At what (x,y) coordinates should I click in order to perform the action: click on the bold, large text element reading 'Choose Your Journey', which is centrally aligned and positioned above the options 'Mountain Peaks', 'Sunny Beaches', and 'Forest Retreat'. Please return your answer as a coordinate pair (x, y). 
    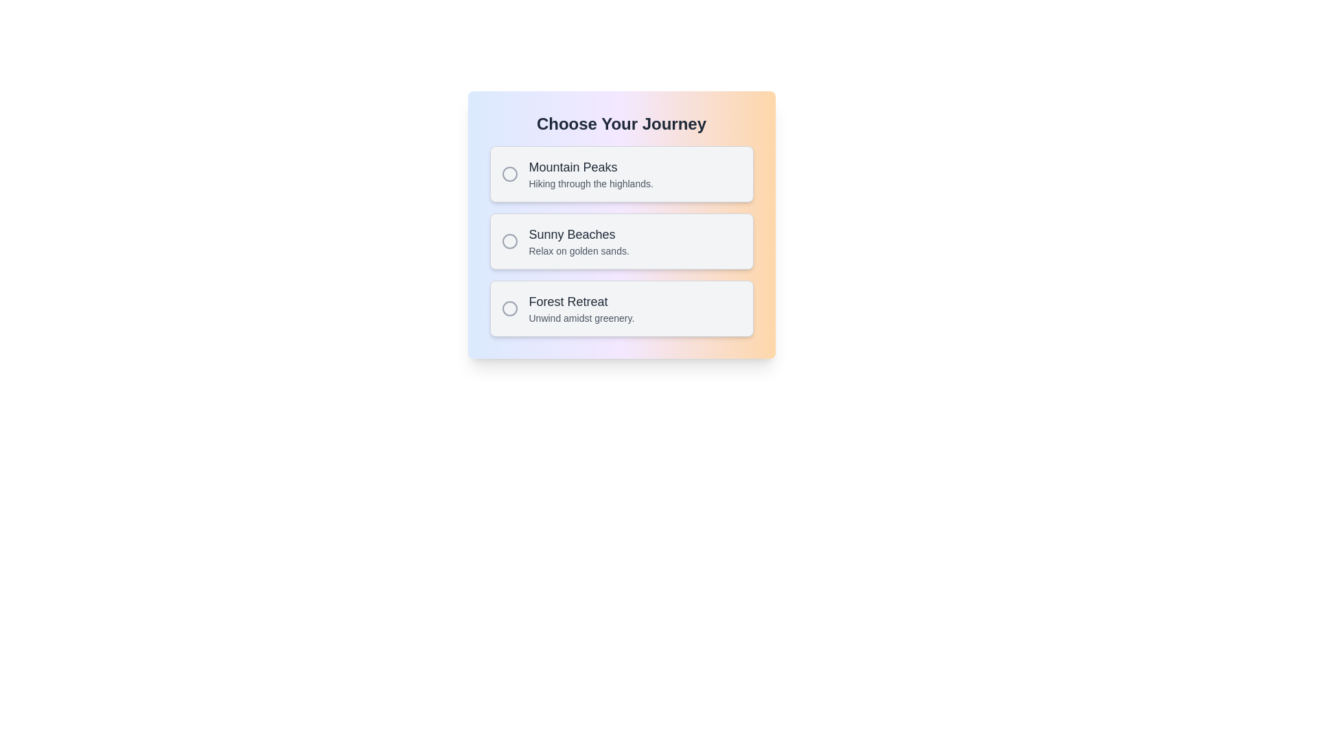
    Looking at the image, I should click on (621, 124).